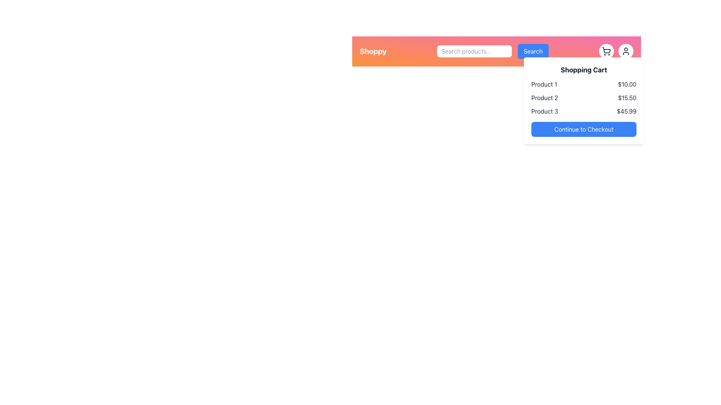  Describe the element at coordinates (584, 70) in the screenshot. I see `bold text 'Shopping Cart' located at the top of the shopping cart dropdown interface, which is styled in a large font size and dark gray color` at that location.